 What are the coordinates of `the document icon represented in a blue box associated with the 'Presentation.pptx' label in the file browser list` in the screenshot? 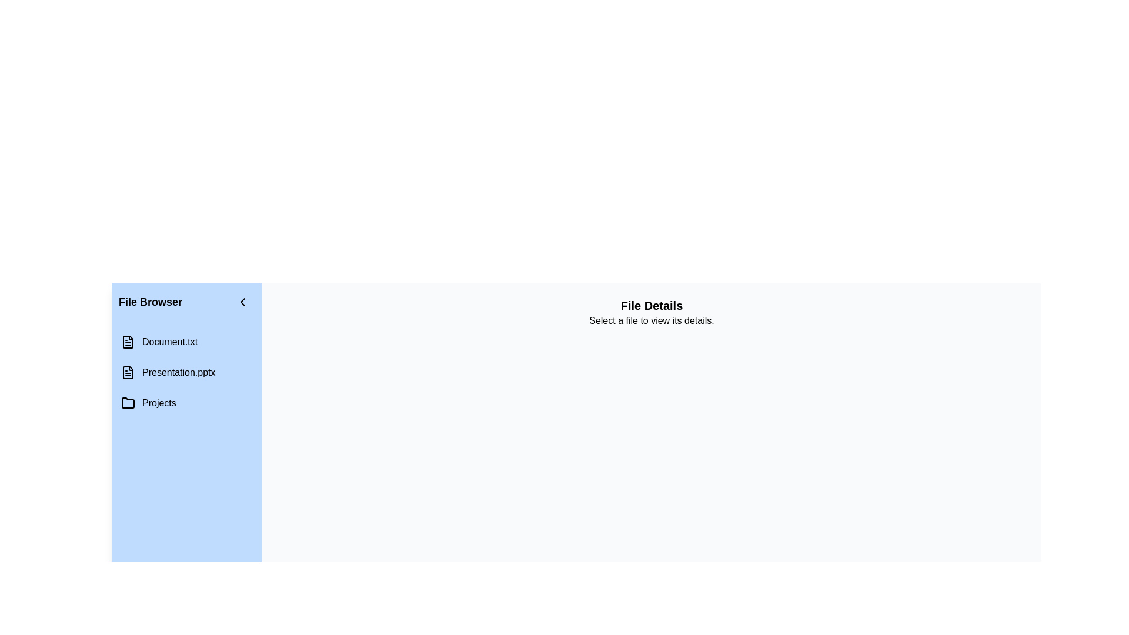 It's located at (128, 372).